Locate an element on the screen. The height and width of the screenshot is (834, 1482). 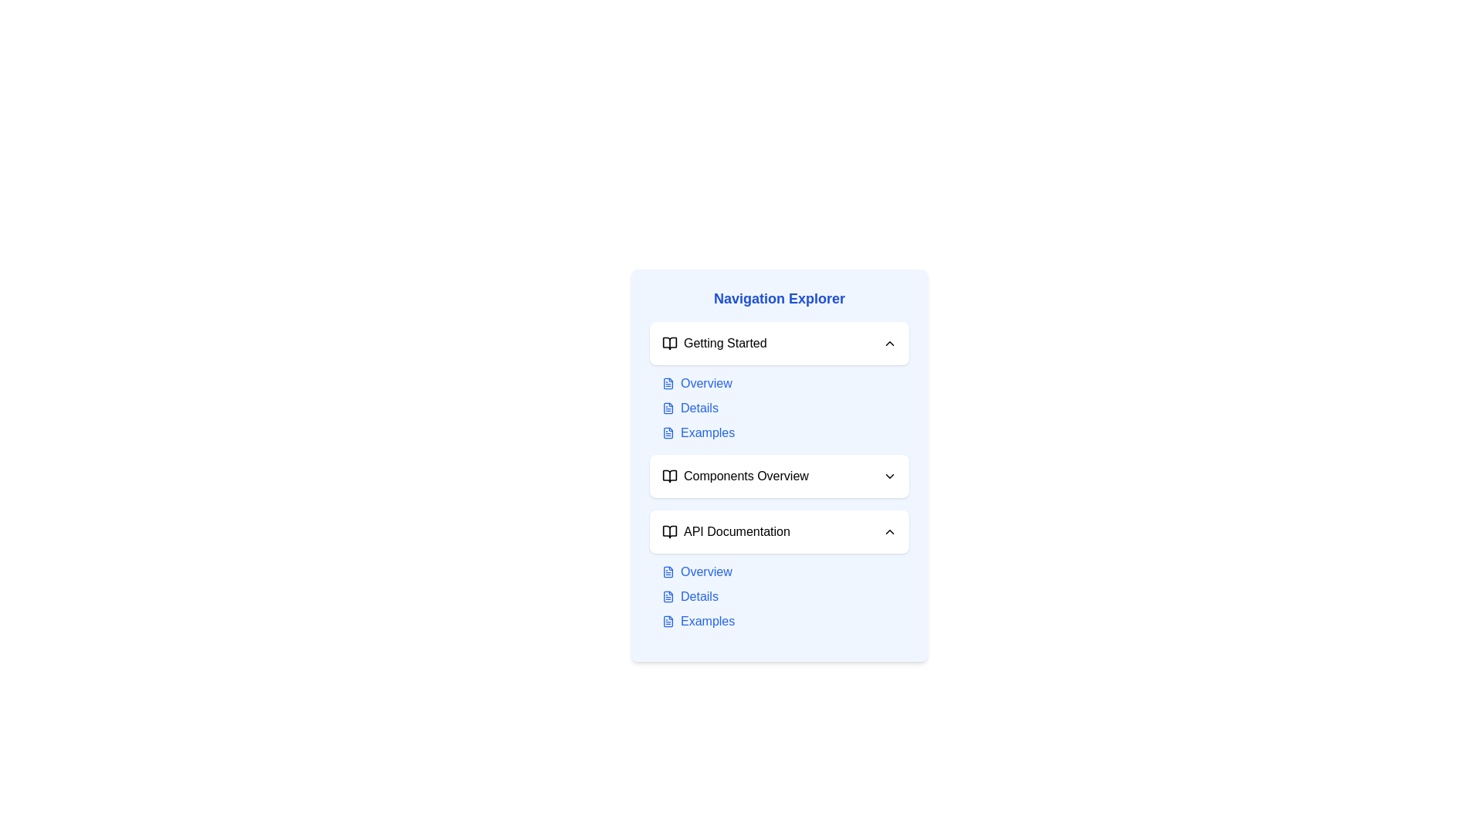
the 'API Documentation' link with an open book icon, located is located at coordinates (725, 531).